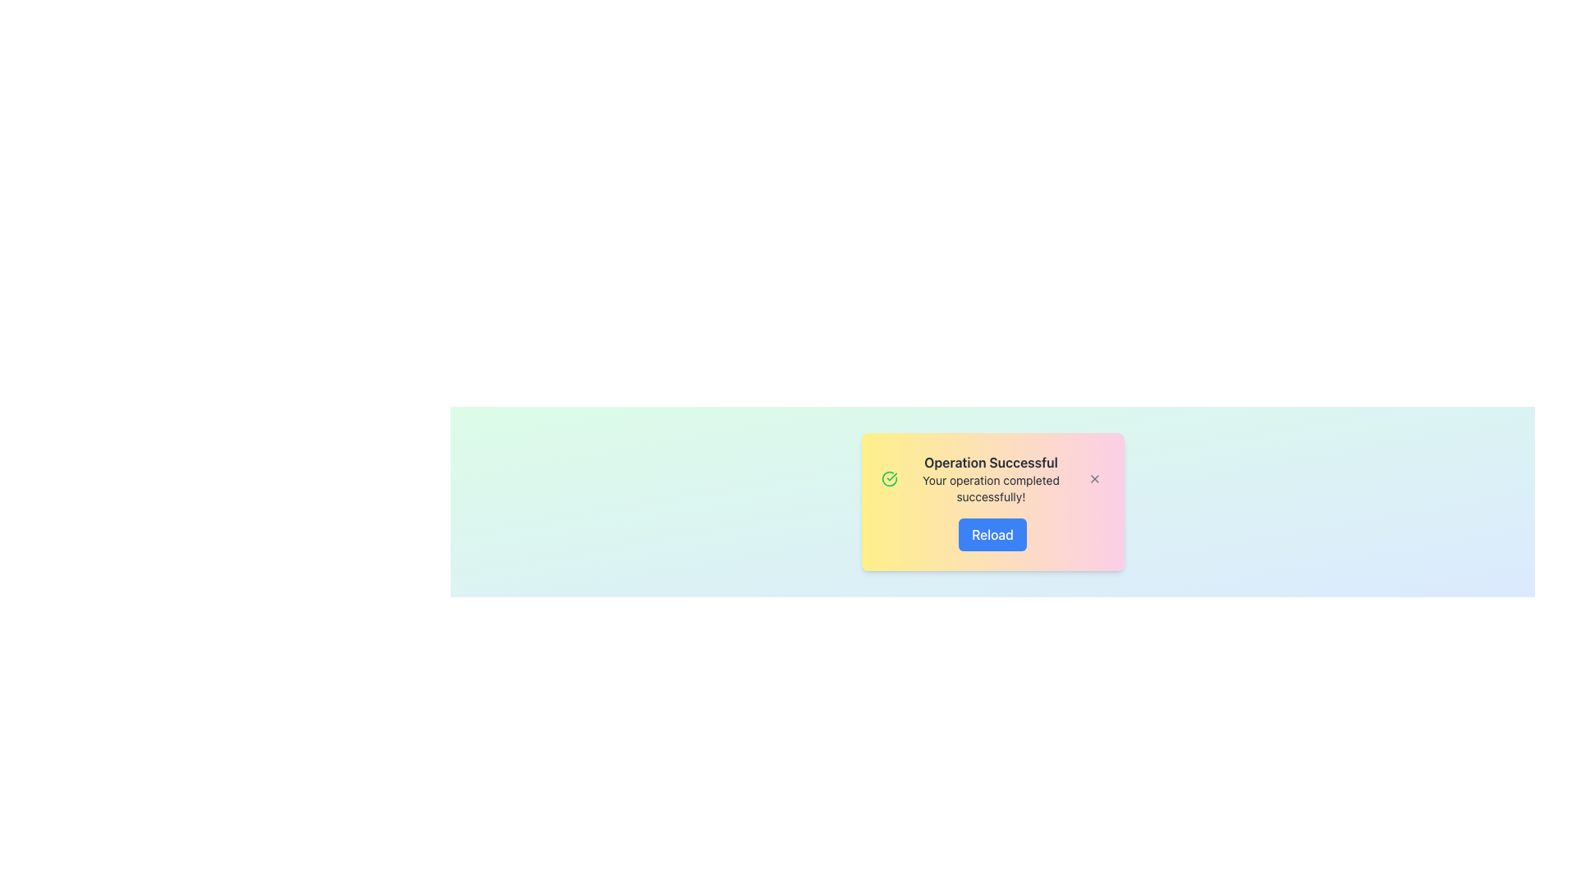 The width and height of the screenshot is (1576, 886). What do you see at coordinates (990, 462) in the screenshot?
I see `the main title text label of the notification indicating a successful operation, located at the top of the notification card in the lower central area of the interface` at bounding box center [990, 462].